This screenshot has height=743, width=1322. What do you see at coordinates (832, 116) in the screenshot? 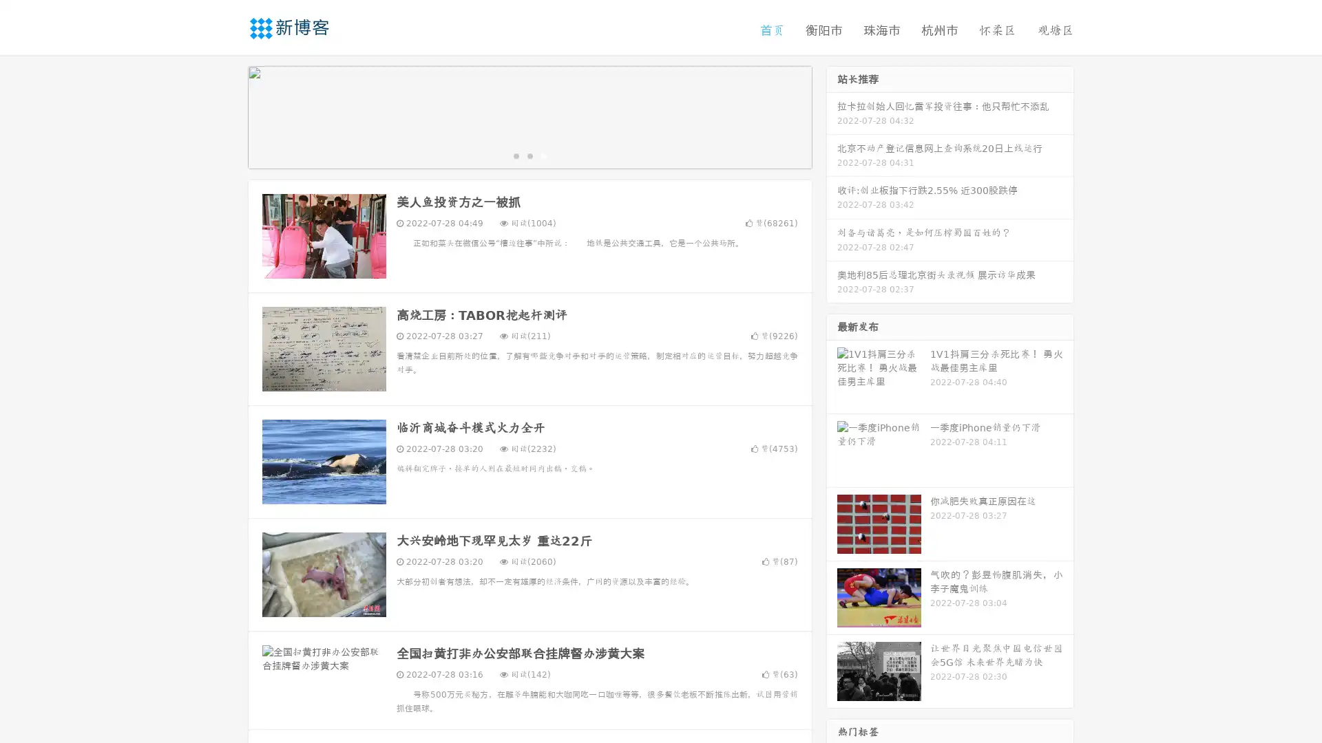
I see `Next slide` at bounding box center [832, 116].